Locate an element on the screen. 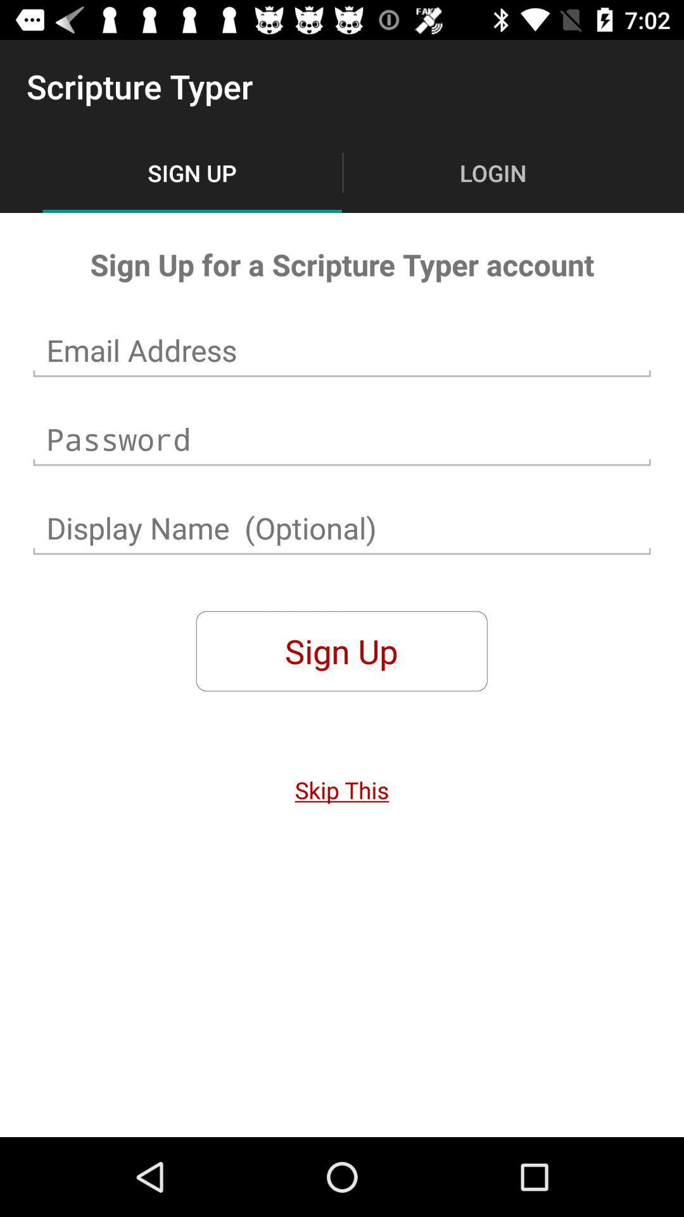 This screenshot has width=684, height=1217. display name you would like for your new account not manditory is located at coordinates (342, 529).